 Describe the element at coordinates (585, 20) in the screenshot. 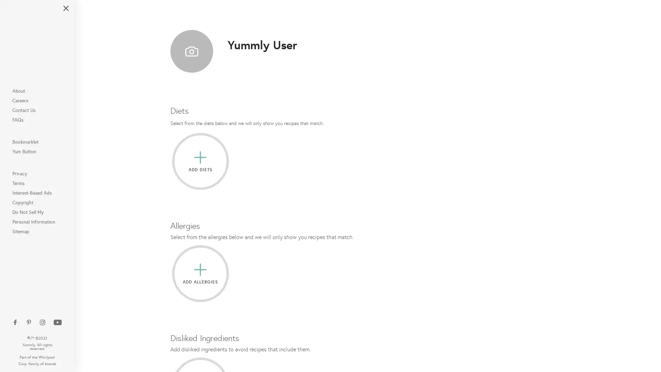

I see `Search for Recipes` at that location.